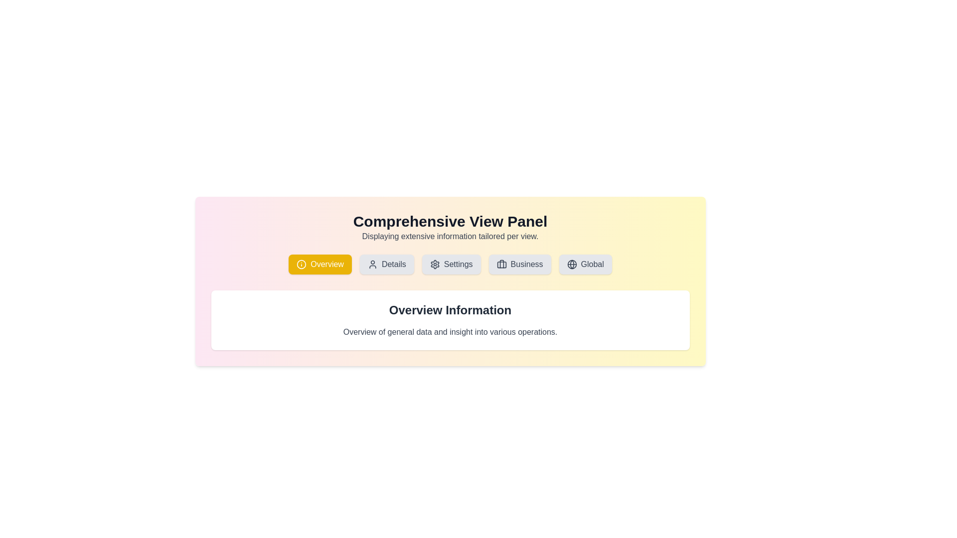 The width and height of the screenshot is (957, 538). What do you see at coordinates (451, 264) in the screenshot?
I see `the 'Settings' button, which is a rectangular button with rounded corners, light gray color, and a gear icon on the left` at bounding box center [451, 264].